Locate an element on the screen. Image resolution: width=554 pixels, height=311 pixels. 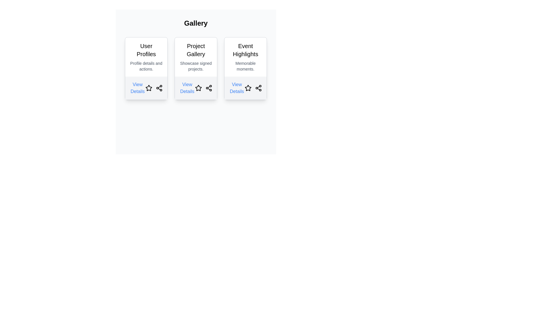
the star icon located at the bottom center of the 'Project Gallery' card to mark it as a favorite is located at coordinates (198, 88).